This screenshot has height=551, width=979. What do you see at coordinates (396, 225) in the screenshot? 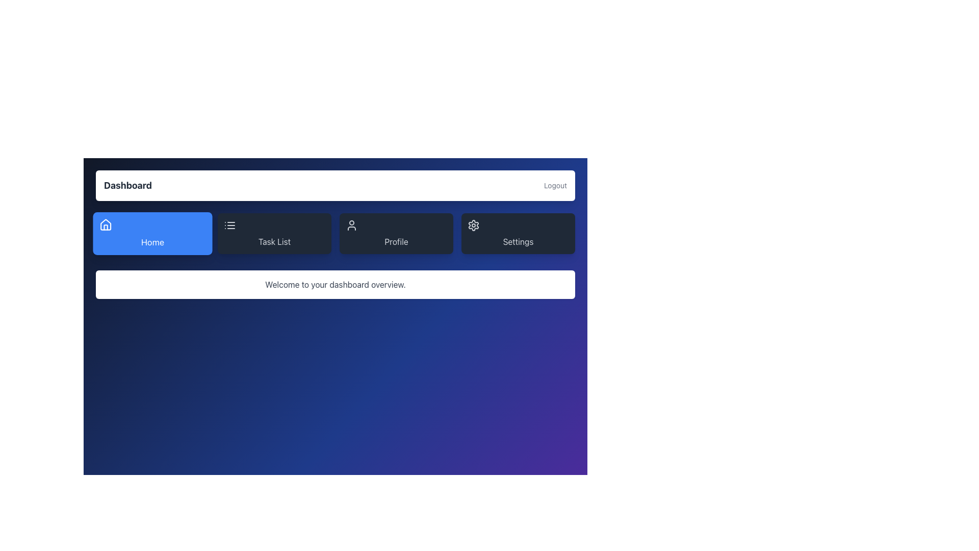
I see `the user profile icon located within the 'Profile' button, which features a minimalistic design of a head and shoulders, situated centrally in the navigation row beneath the top header` at bounding box center [396, 225].